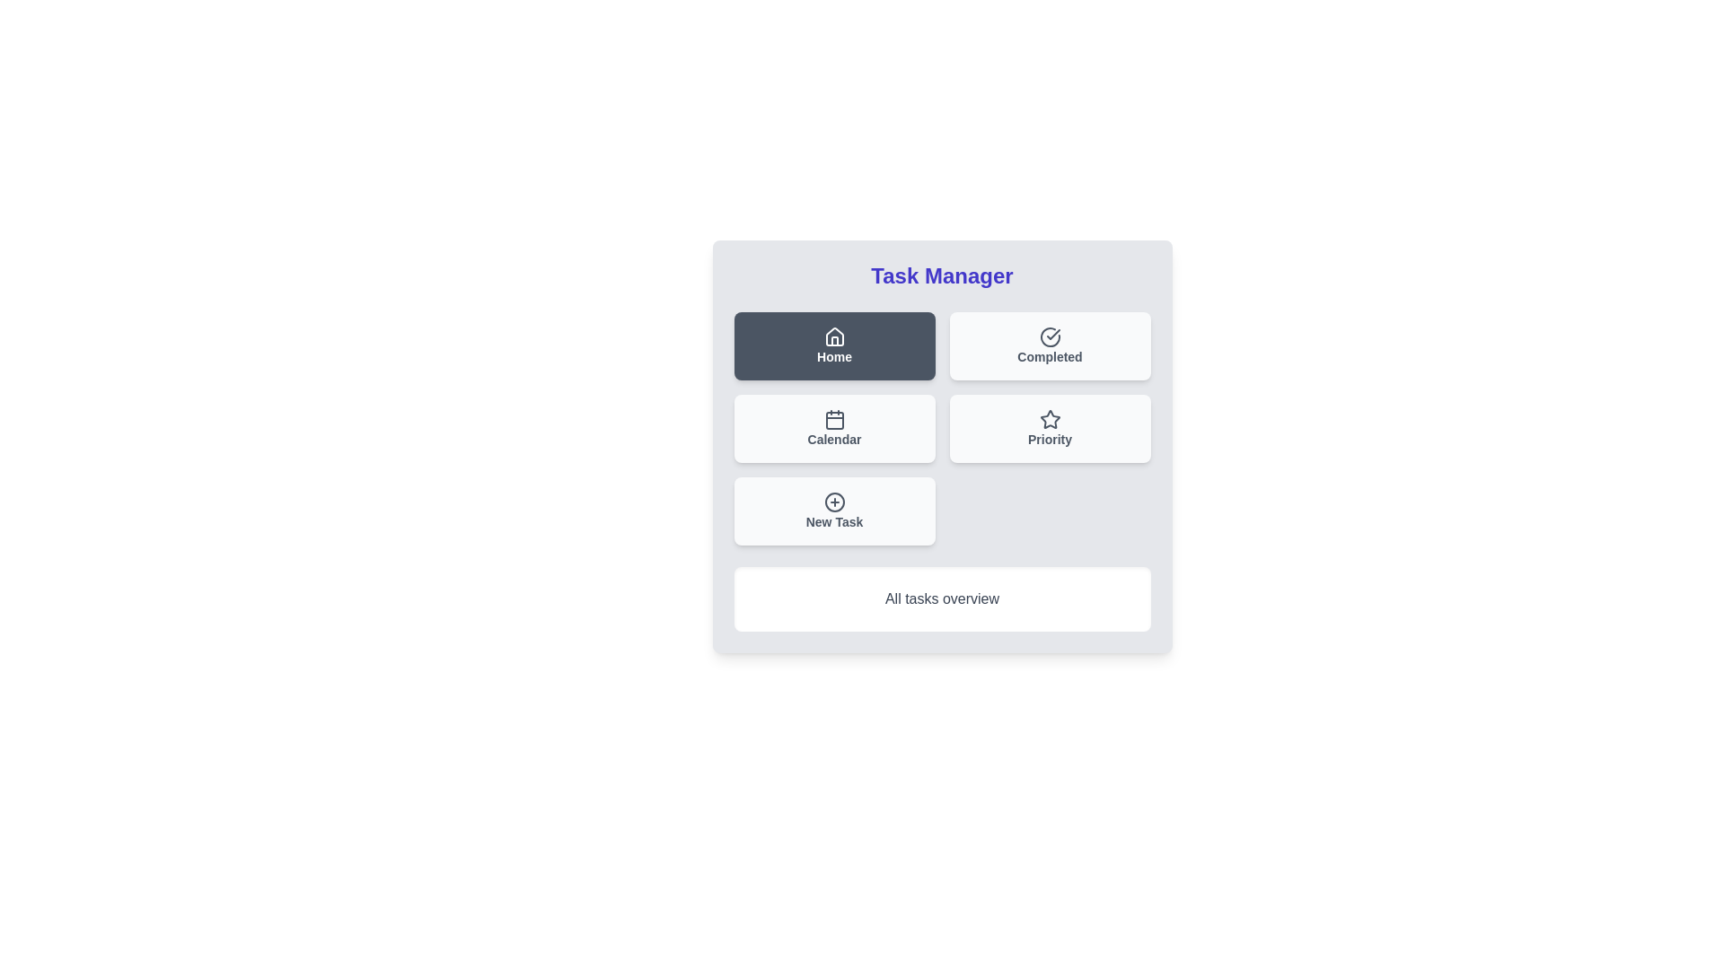 The height and width of the screenshot is (969, 1724). What do you see at coordinates (833, 356) in the screenshot?
I see `static text label displaying 'Home' in white color, located within a rounded rectangle button with a grayish-blue background, centrally positioned beneath a house icon` at bounding box center [833, 356].